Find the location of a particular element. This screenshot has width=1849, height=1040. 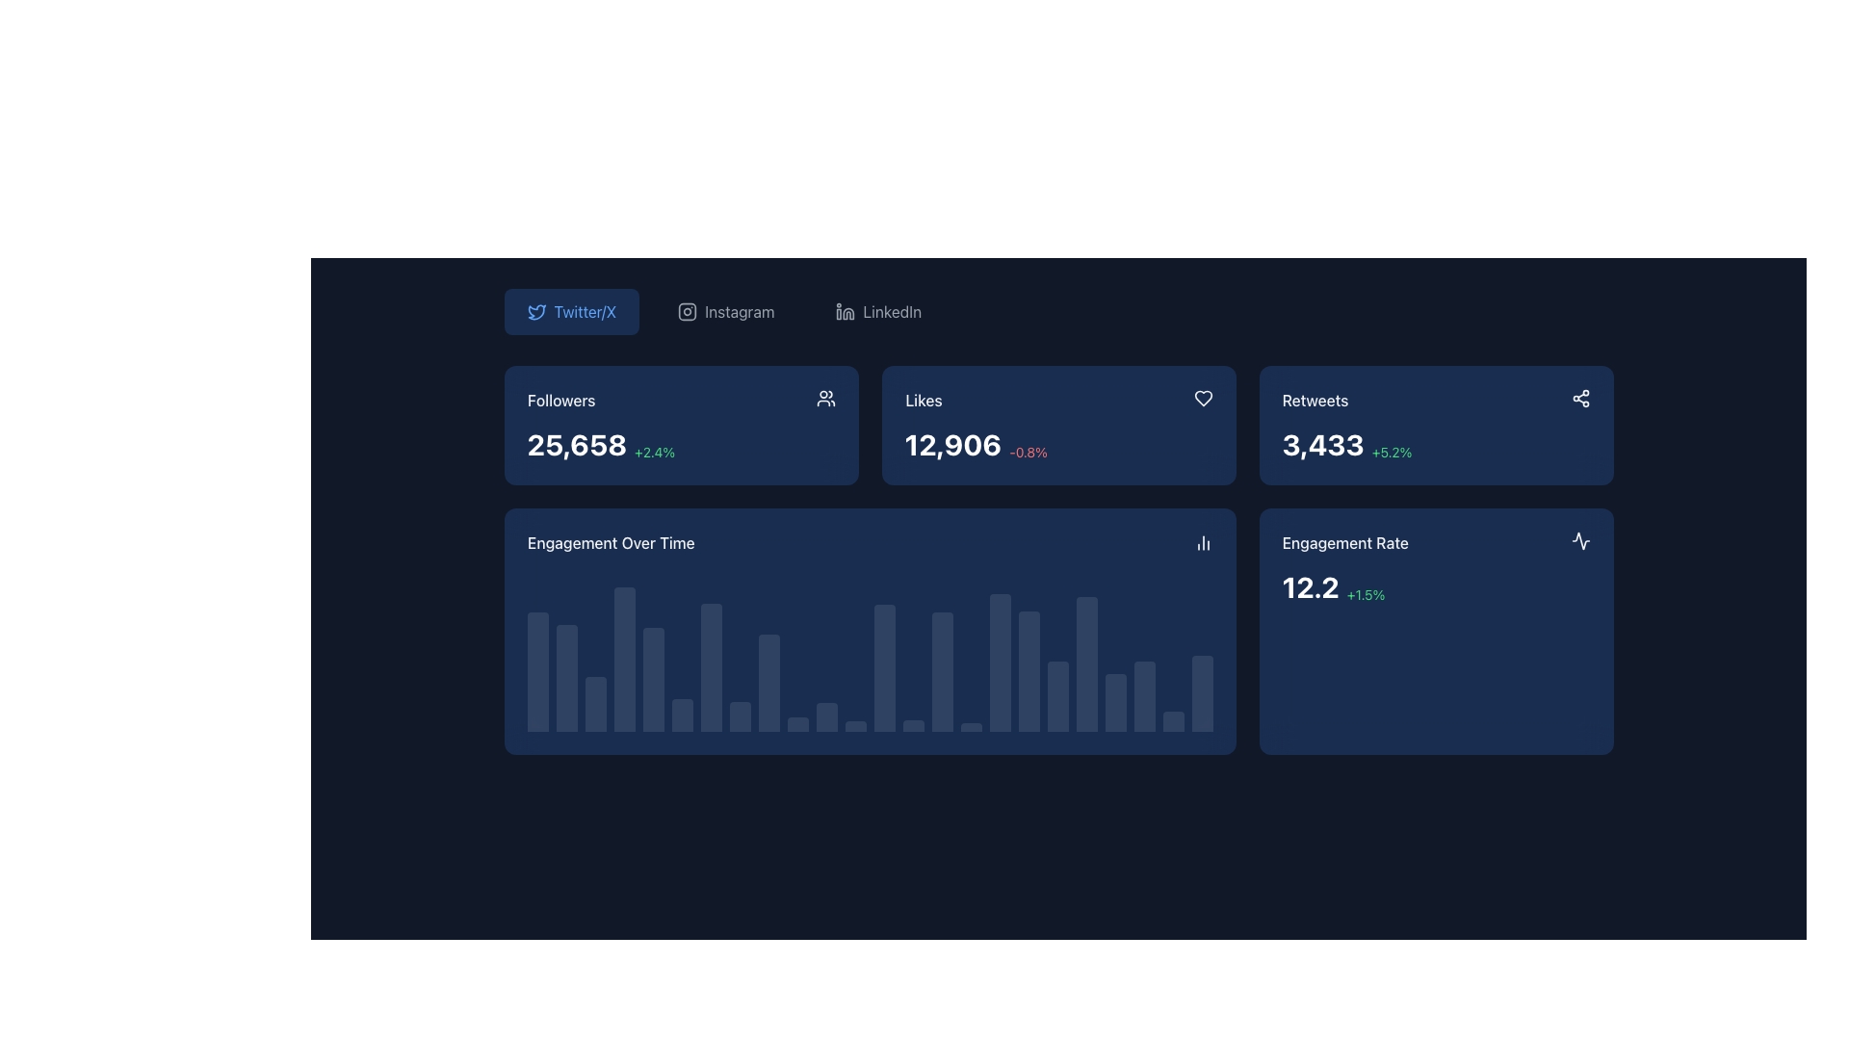

the data point details of the fourth Chart Bar in the 'Engagement Over Time' bar chart is located at coordinates (624, 658).